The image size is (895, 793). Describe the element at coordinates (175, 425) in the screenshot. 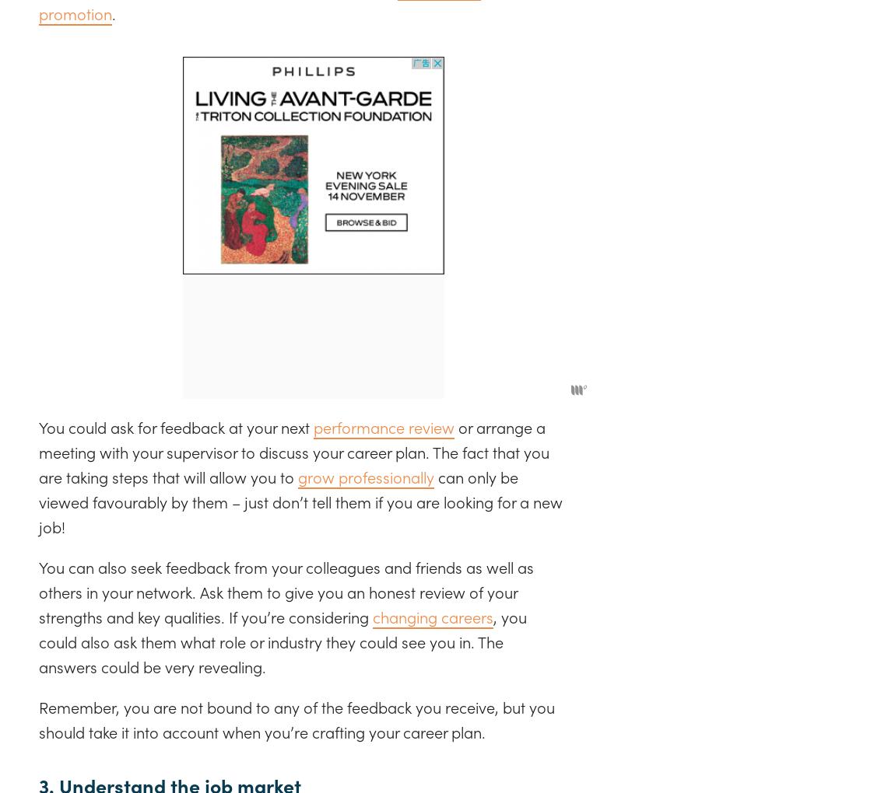

I see `'You could ask for feedback at your next'` at that location.